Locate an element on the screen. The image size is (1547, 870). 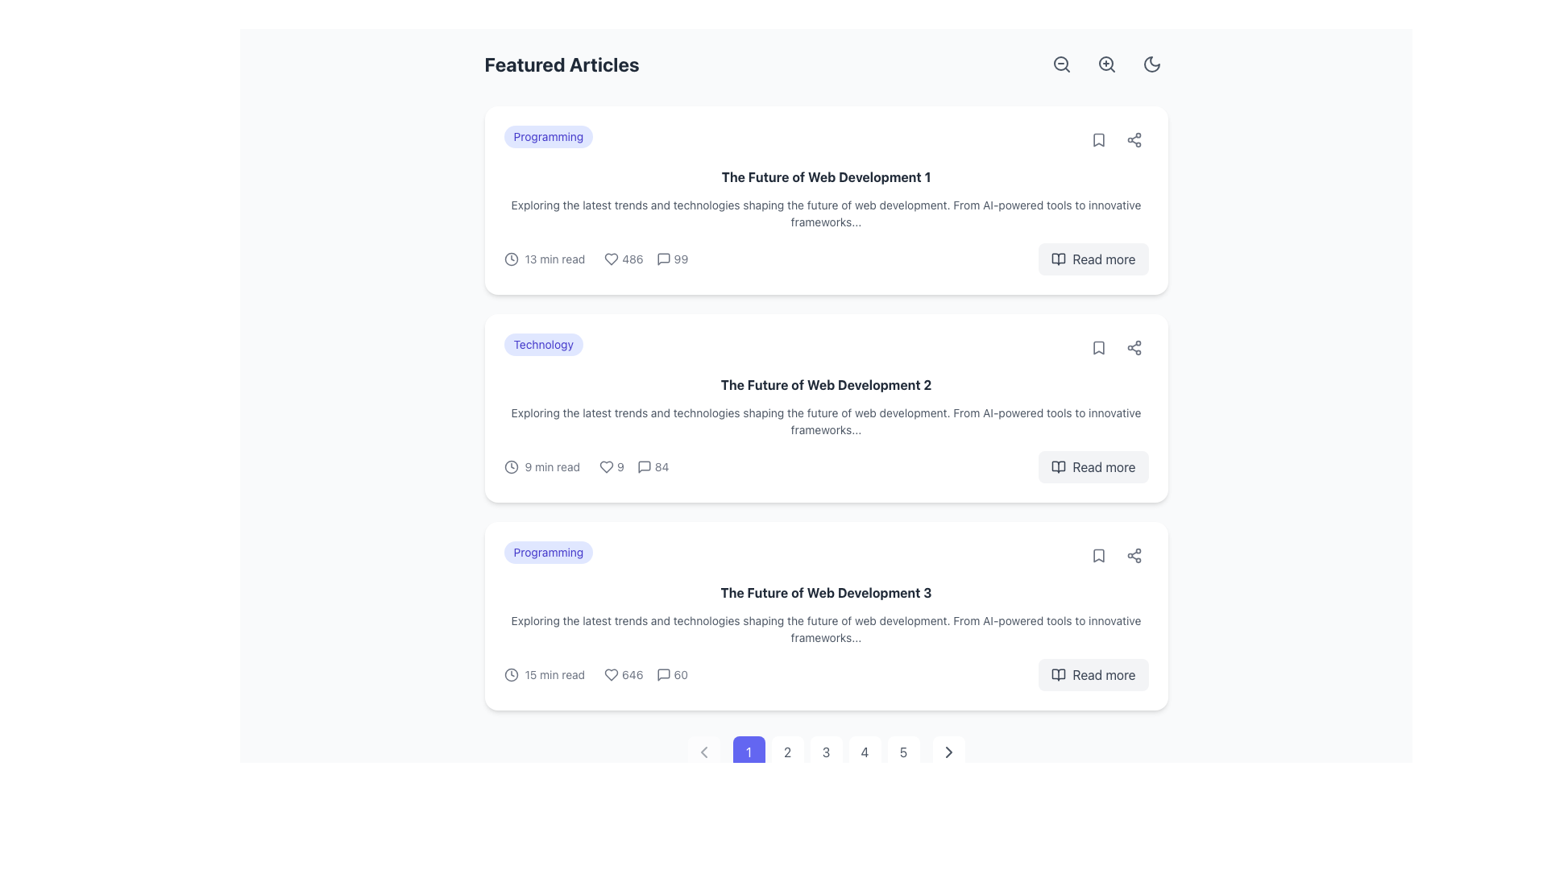
the small numerical label displaying the number '9' in light gray font, located next to the heart-shaped icon on the second article card is located at coordinates (611, 466).